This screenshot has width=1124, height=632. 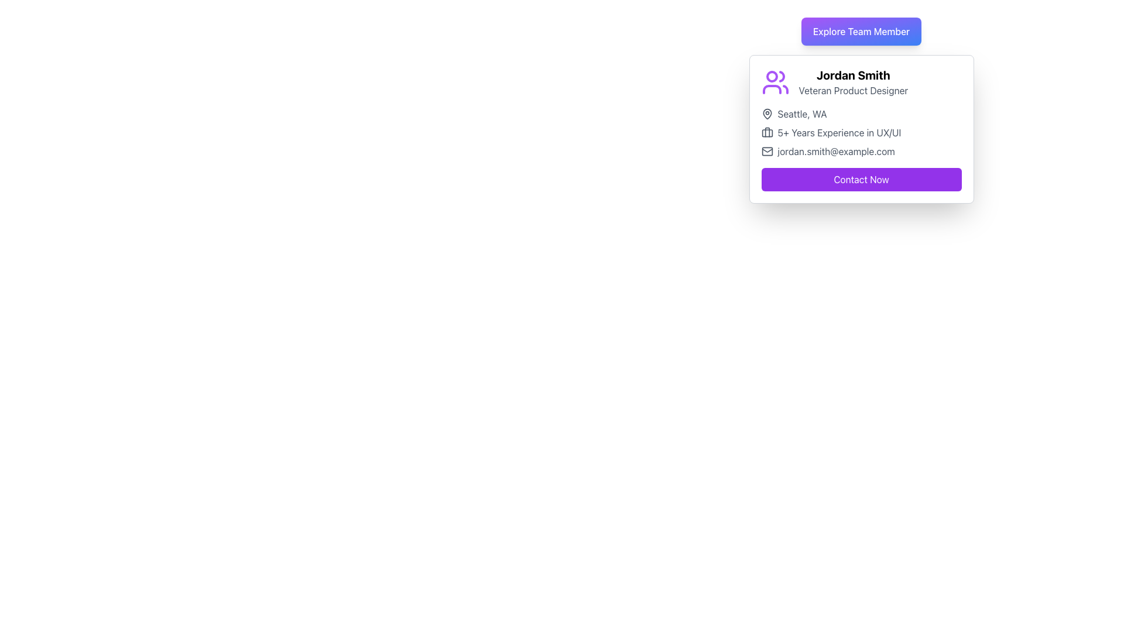 I want to click on the static text element that reads 'Jordan Smith', which is styled in bold and is the first line of text in a user profile card, so click(x=853, y=75).